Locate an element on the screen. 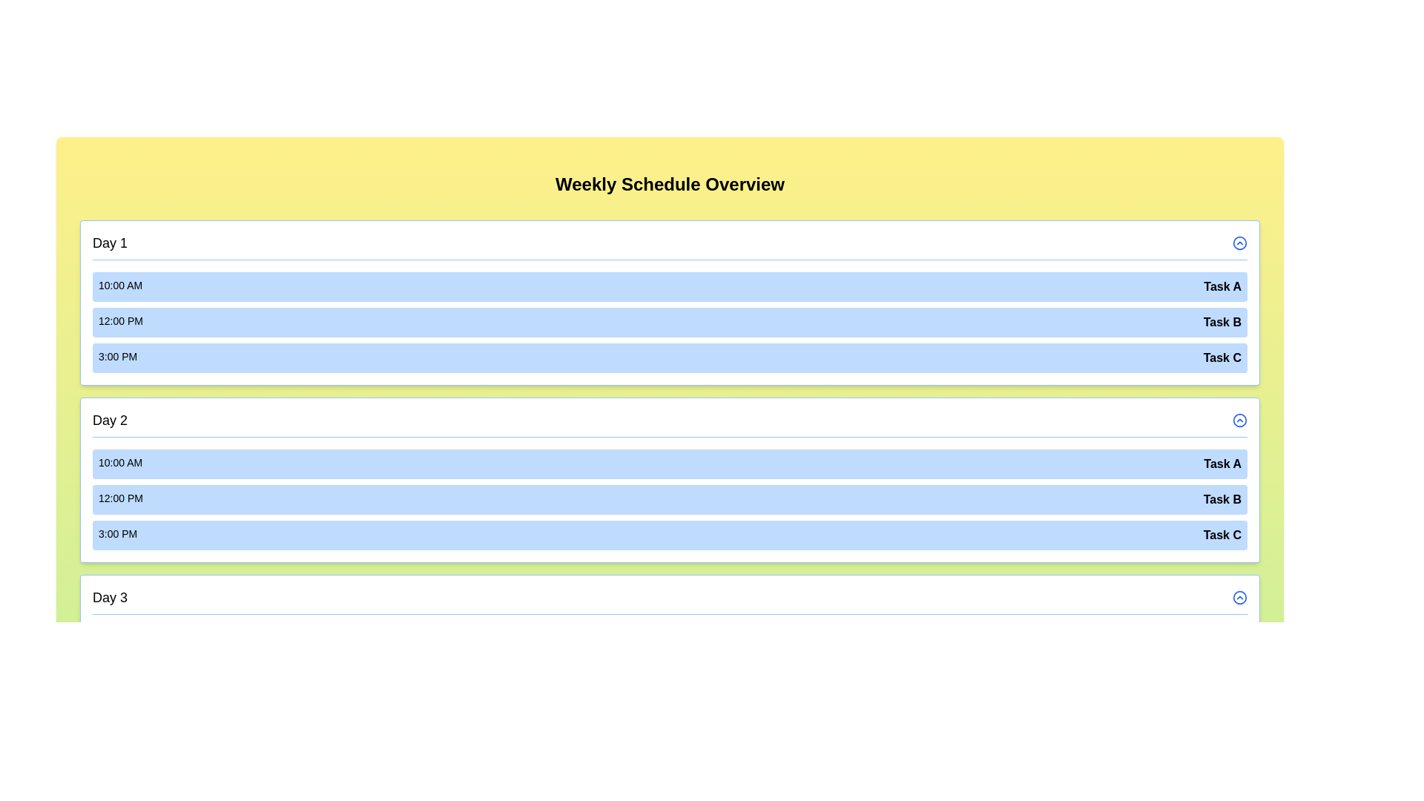 This screenshot has height=801, width=1424. the event Task A for day Day 1 is located at coordinates (669, 286).